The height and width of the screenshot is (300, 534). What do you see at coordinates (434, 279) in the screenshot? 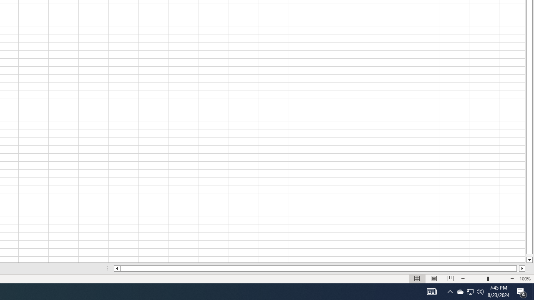
I see `'Page Layout'` at bounding box center [434, 279].